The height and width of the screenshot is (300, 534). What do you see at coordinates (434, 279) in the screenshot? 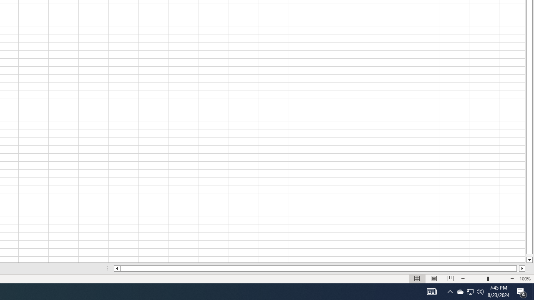
I see `'Page Layout'` at bounding box center [434, 279].